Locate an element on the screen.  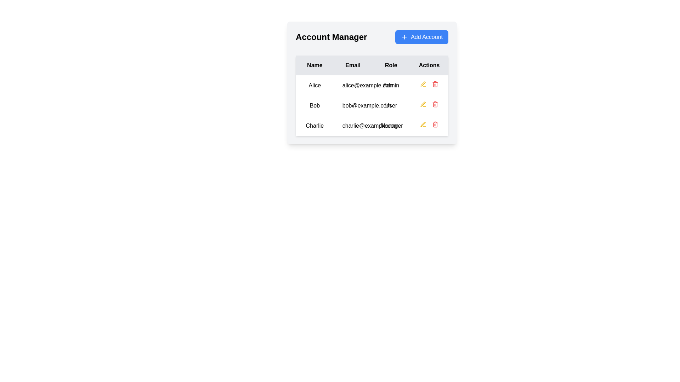
the static text field displaying the email address 'charlie@example.com' located in the second column of the last row of the table, adjacent to the user's name 'Charlie' and their role 'Manager' is located at coordinates (353, 125).